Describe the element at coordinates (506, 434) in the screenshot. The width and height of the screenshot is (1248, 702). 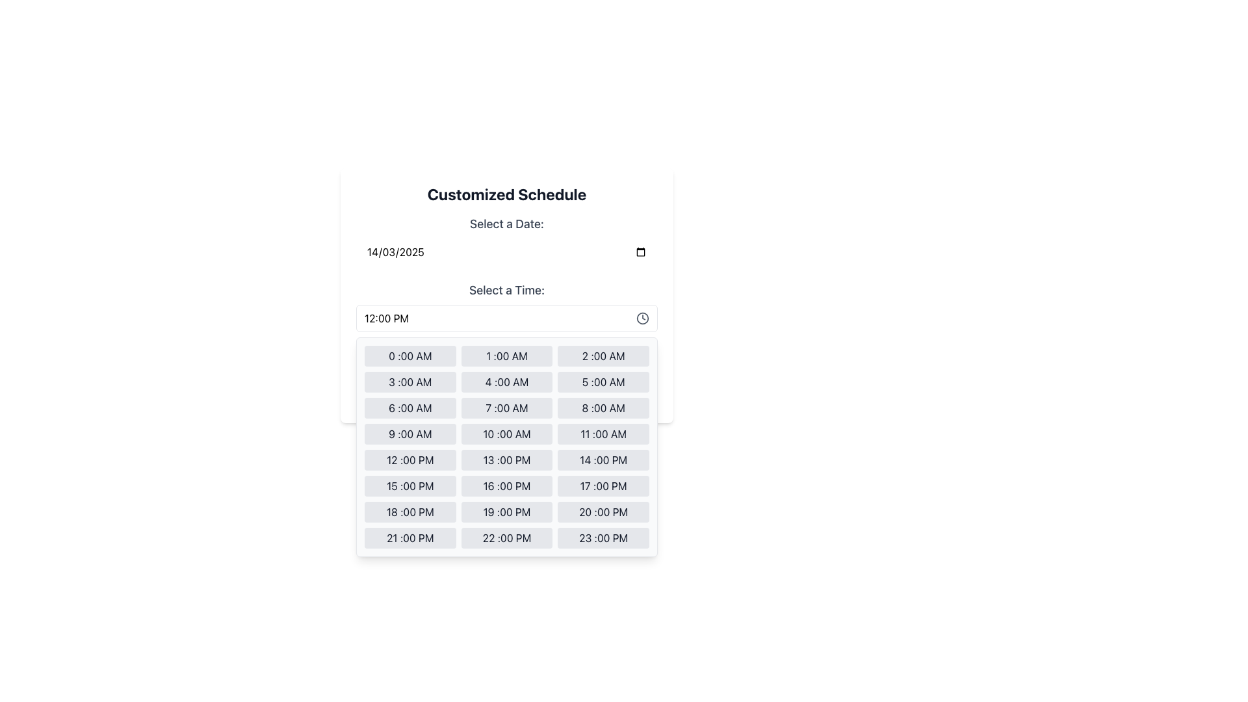
I see `the rectangular button labeled '10 :00 AM' with a light gray background` at that location.